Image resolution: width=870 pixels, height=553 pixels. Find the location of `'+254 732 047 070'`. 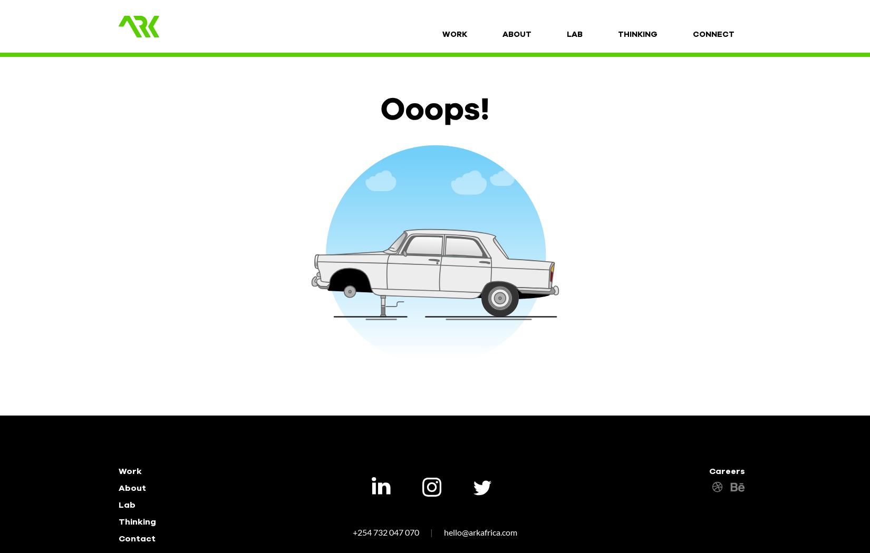

'+254 732 047 070' is located at coordinates (386, 531).